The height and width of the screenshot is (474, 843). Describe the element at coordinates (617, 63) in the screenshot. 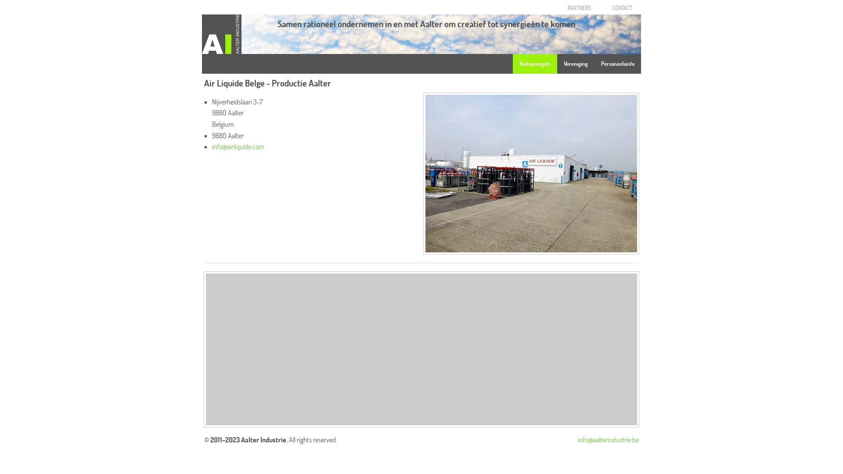

I see `'Personeelsinfo'` at that location.